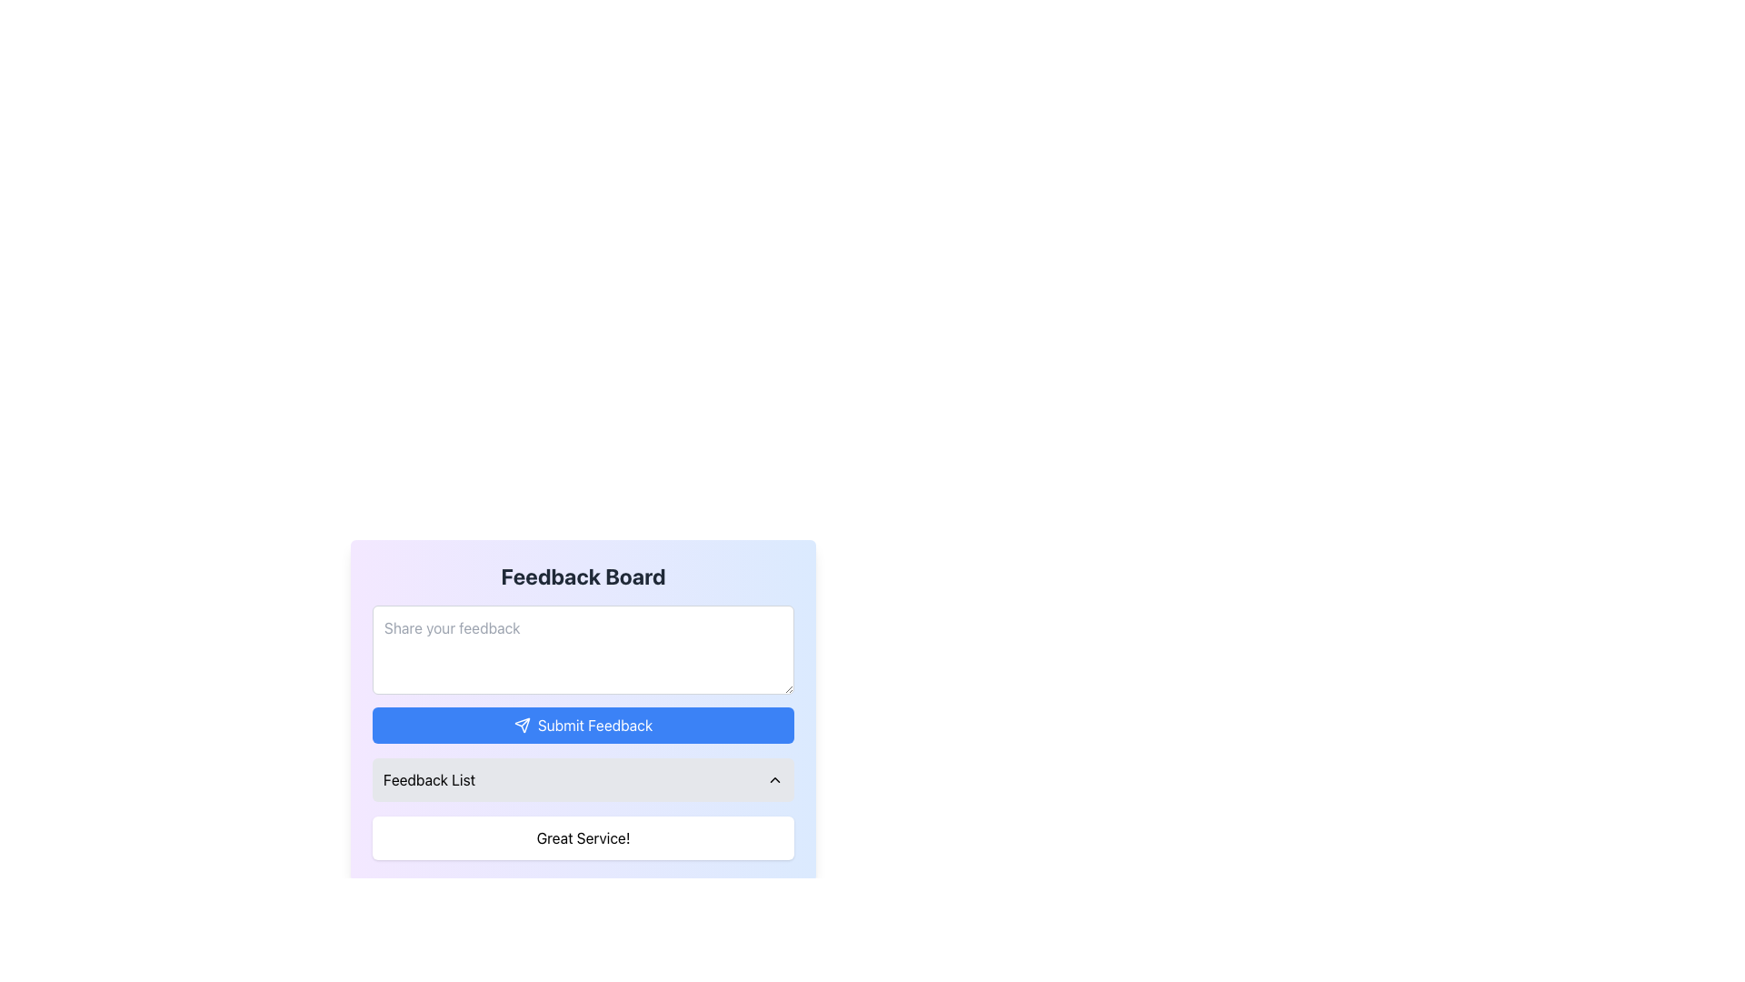  What do you see at coordinates (521, 725) in the screenshot?
I see `the 'Submit Feedback' button which contains the SVG icon representing the 'send' action` at bounding box center [521, 725].